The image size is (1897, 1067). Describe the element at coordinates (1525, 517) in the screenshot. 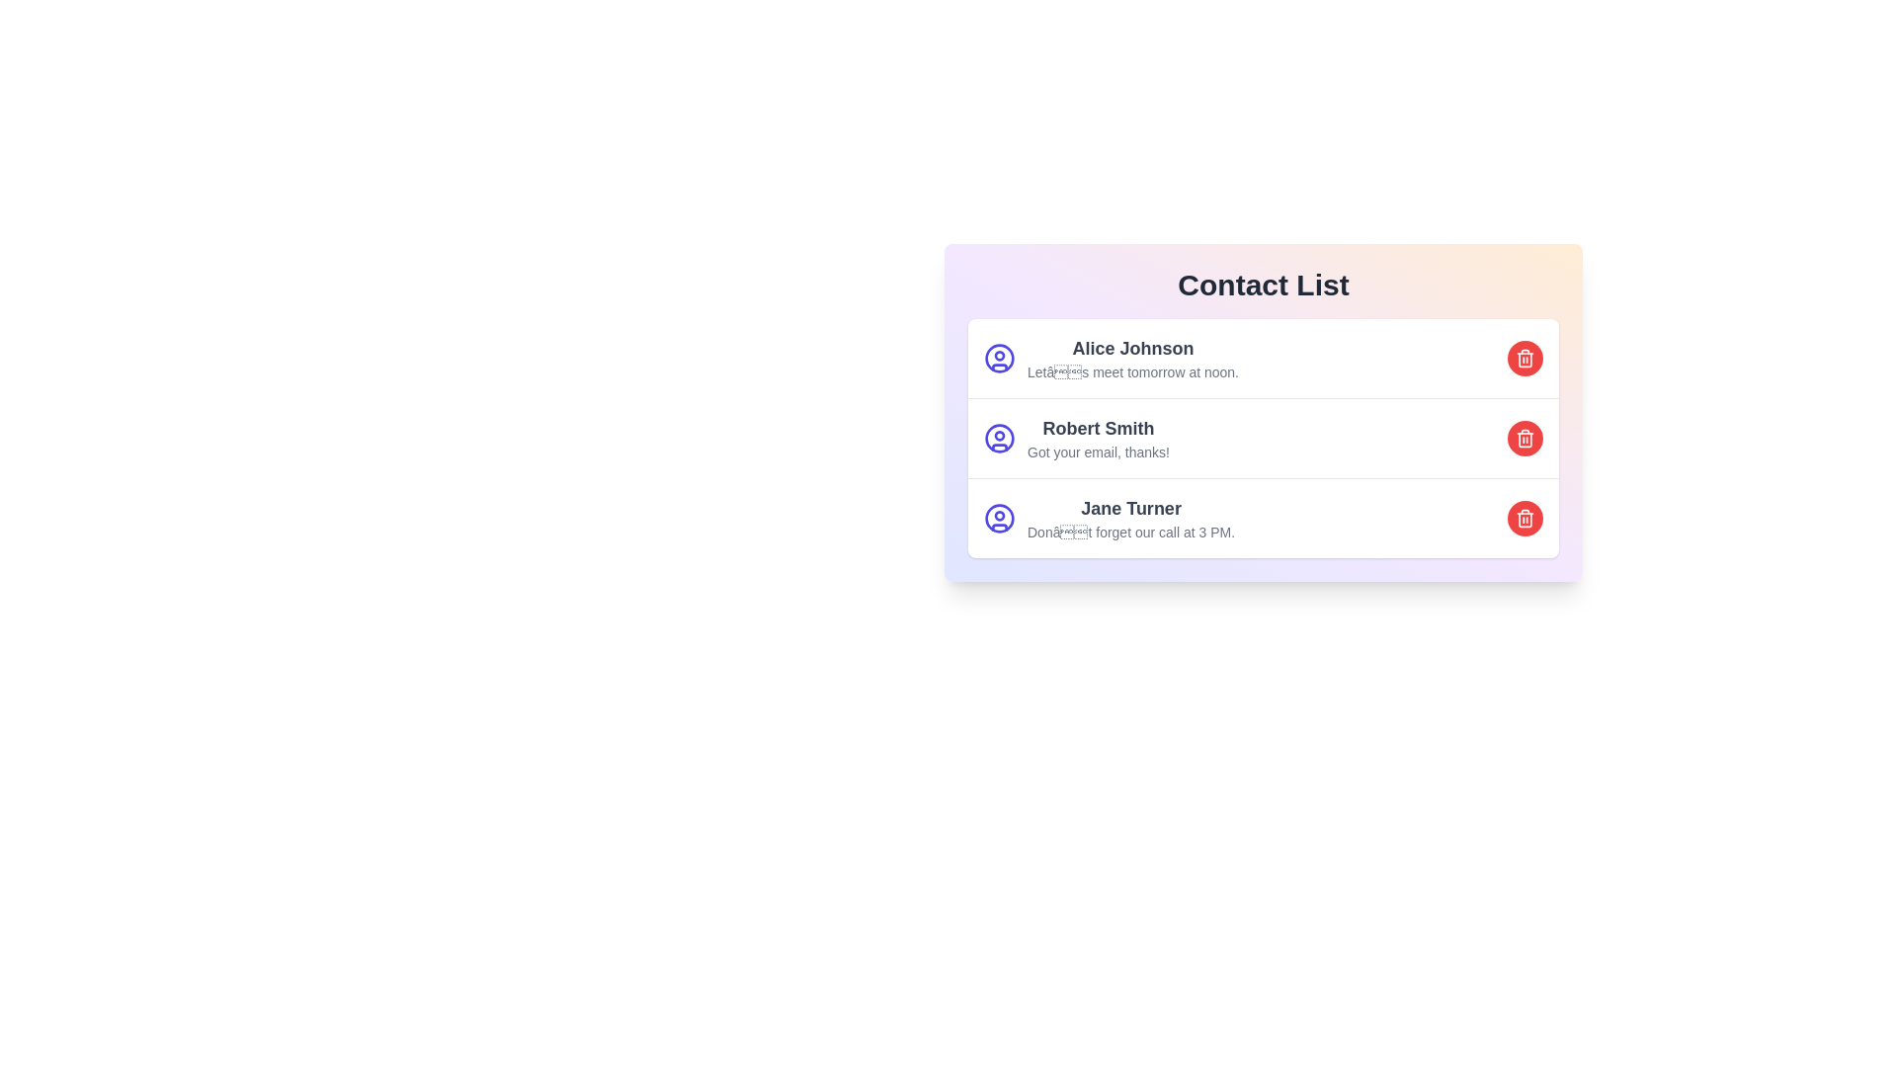

I see `delete button for the contact named Jane Turner` at that location.